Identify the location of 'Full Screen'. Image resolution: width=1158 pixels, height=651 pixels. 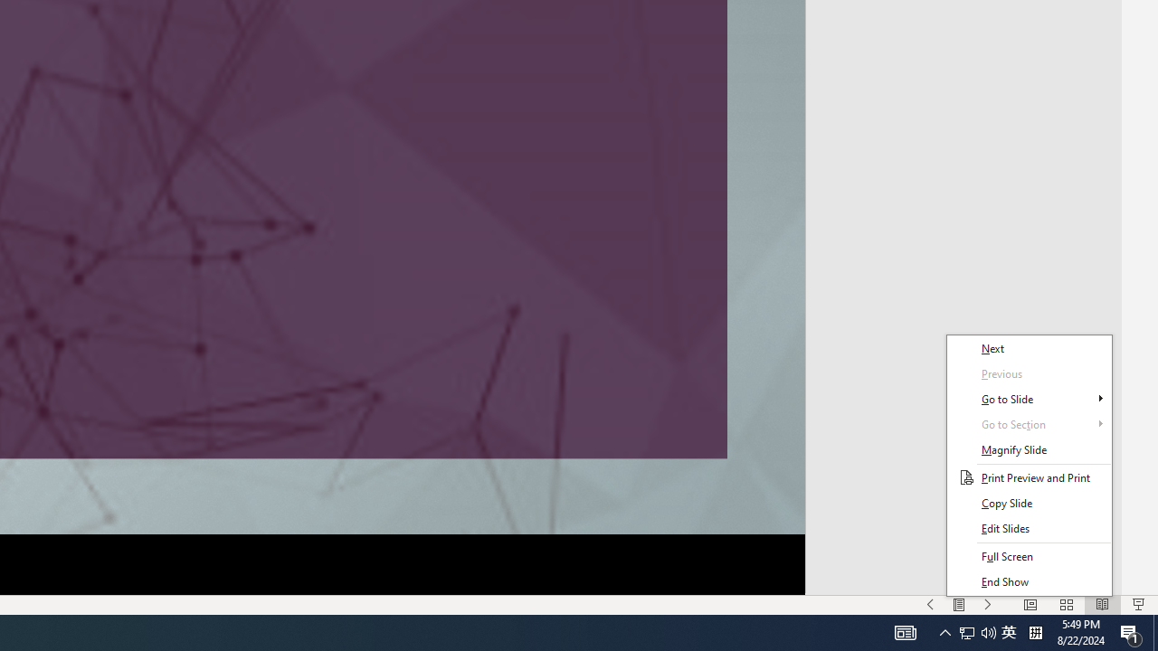
(1029, 555).